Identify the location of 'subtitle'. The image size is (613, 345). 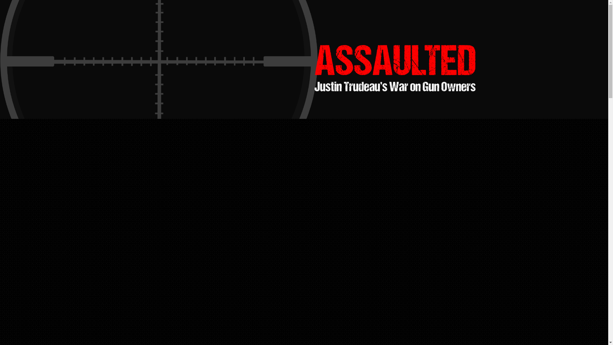
(395, 86).